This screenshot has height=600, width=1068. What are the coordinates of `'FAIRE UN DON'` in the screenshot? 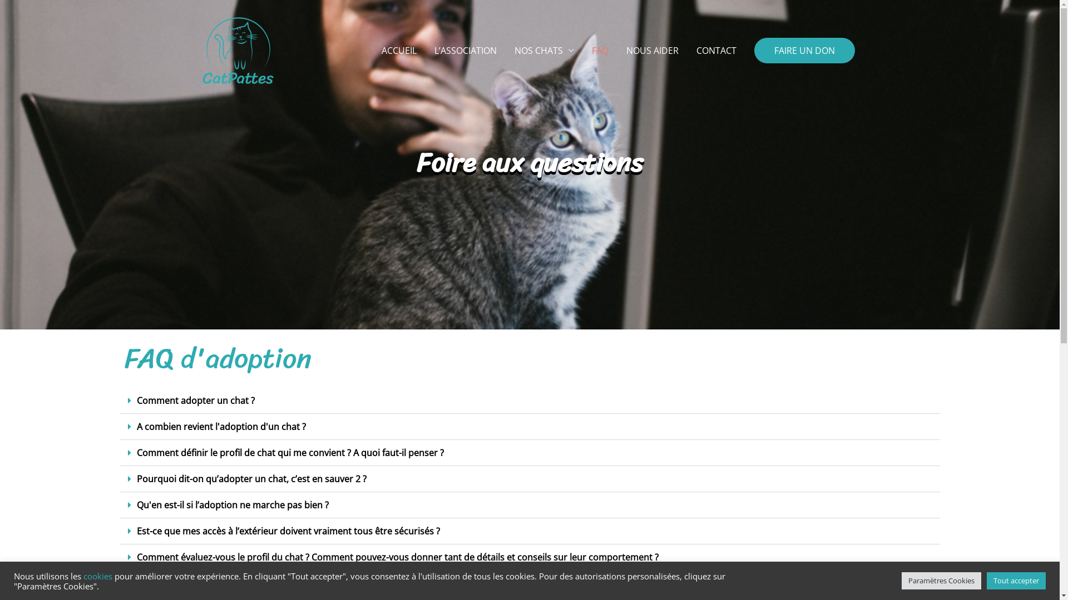 It's located at (804, 51).